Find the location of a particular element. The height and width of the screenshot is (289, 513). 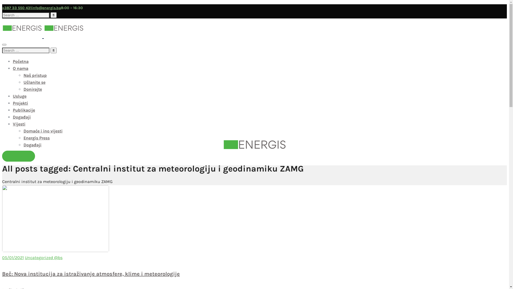

'Donirajte' is located at coordinates (32, 89).